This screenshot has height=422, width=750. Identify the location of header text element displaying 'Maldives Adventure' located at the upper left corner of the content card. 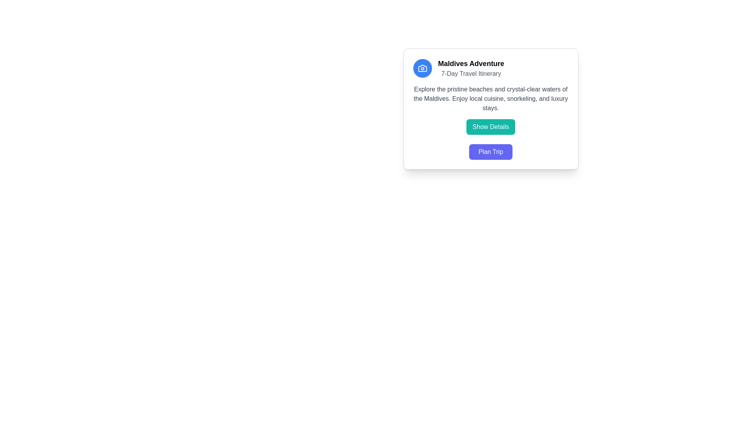
(471, 63).